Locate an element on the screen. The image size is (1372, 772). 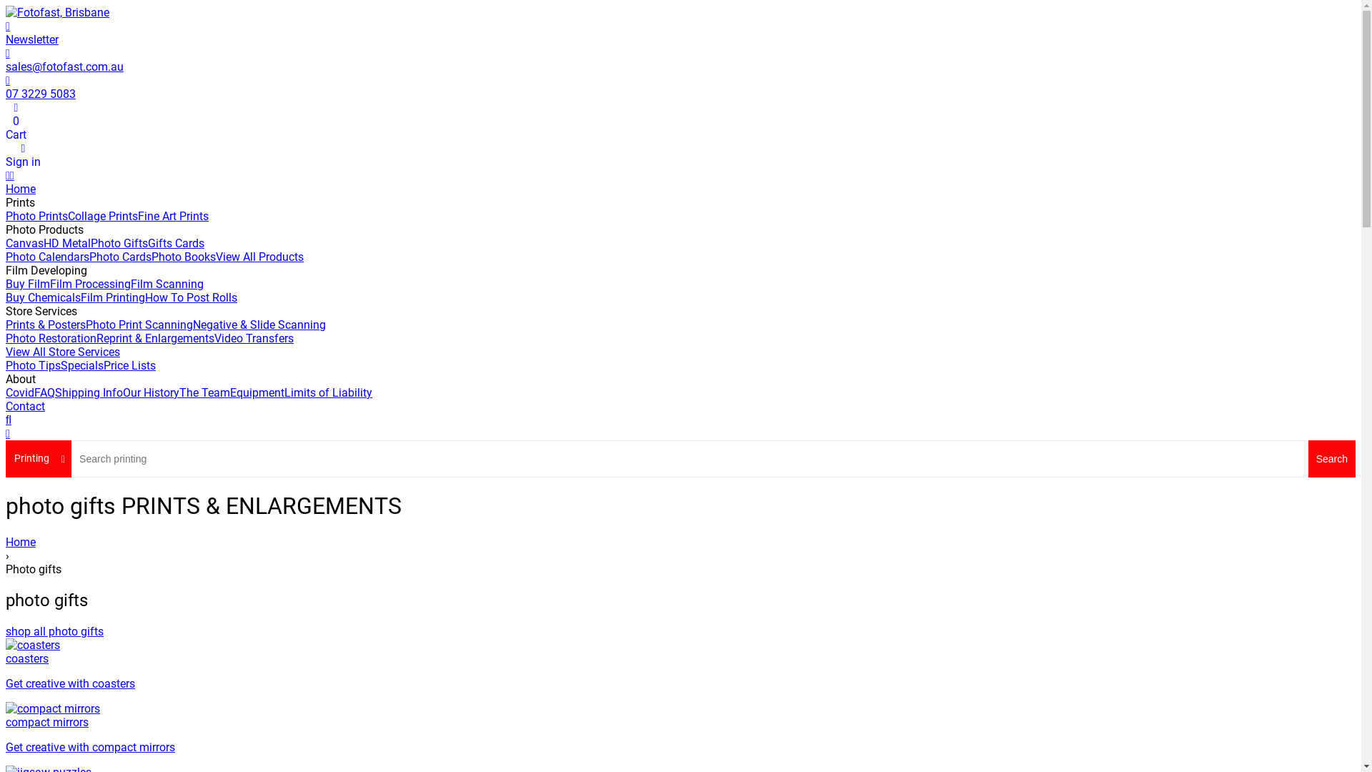
'Reprint & Enlargements' is located at coordinates (155, 338).